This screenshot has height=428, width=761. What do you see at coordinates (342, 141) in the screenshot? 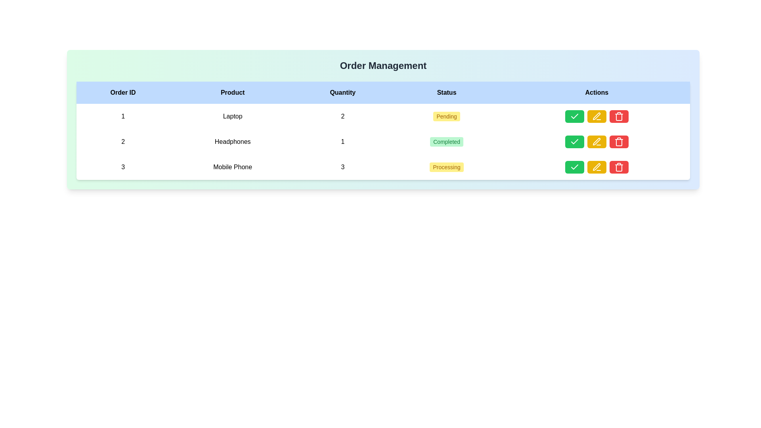
I see `the numeric value '1' in the 'Quantity' column of the order management table, located in the second row and third column, which is situated between 'Headphones' and 'Completed'` at bounding box center [342, 141].